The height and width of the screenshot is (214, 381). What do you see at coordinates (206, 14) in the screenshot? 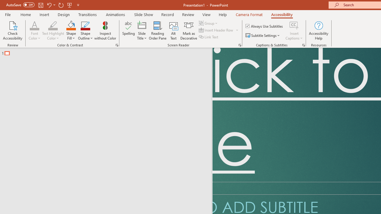
I see `'View'` at bounding box center [206, 14].